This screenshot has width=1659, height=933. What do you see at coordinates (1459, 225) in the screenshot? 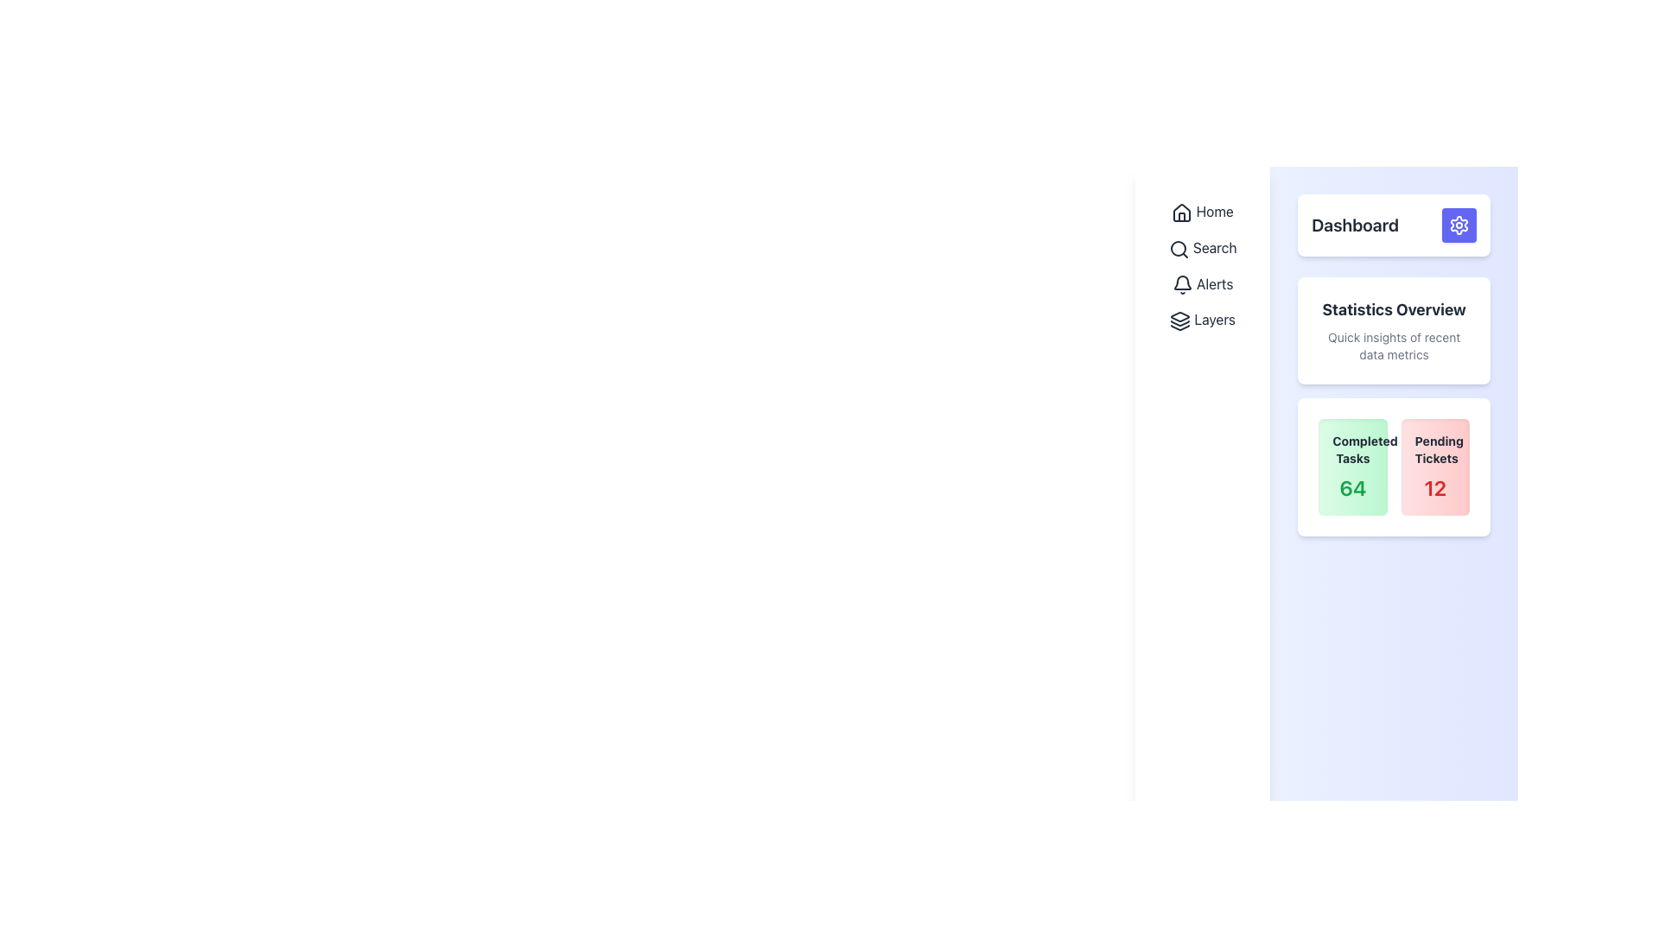
I see `the blue gear icon located on the dashboard` at bounding box center [1459, 225].